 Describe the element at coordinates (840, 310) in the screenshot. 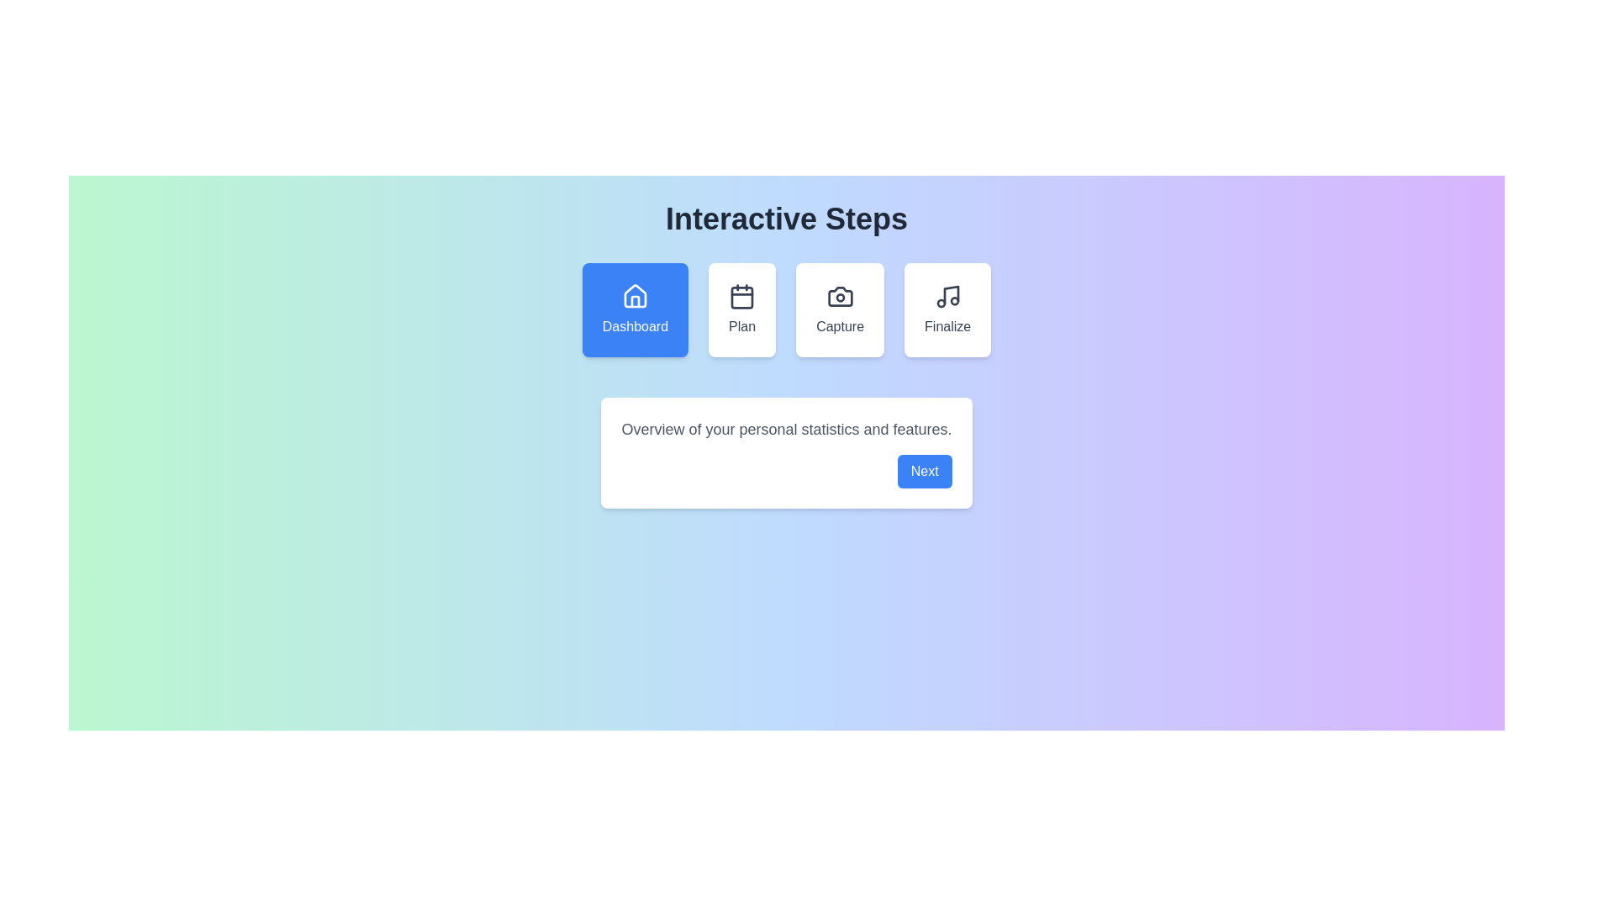

I see `the step Capture by clicking on its icon` at that location.